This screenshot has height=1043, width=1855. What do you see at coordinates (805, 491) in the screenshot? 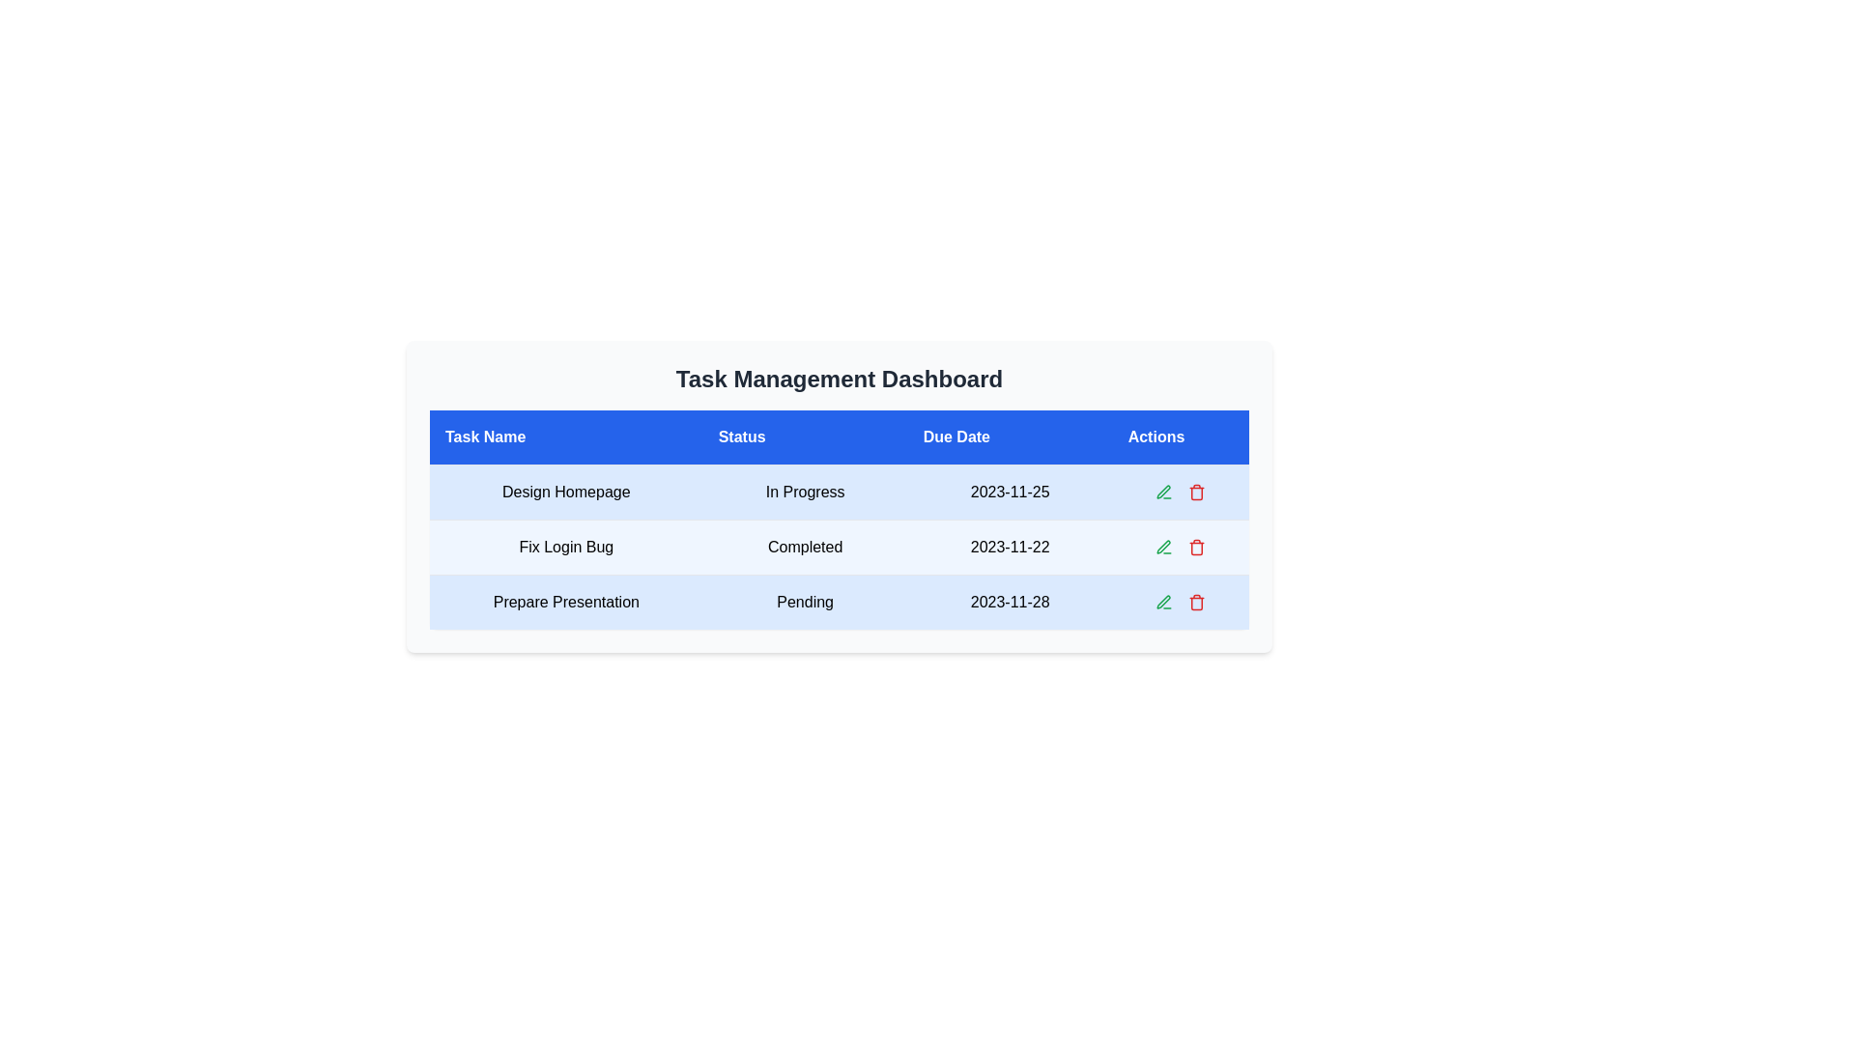
I see `the 'In Progress' text label in the second column of the first row under the 'Status' header in the table` at bounding box center [805, 491].